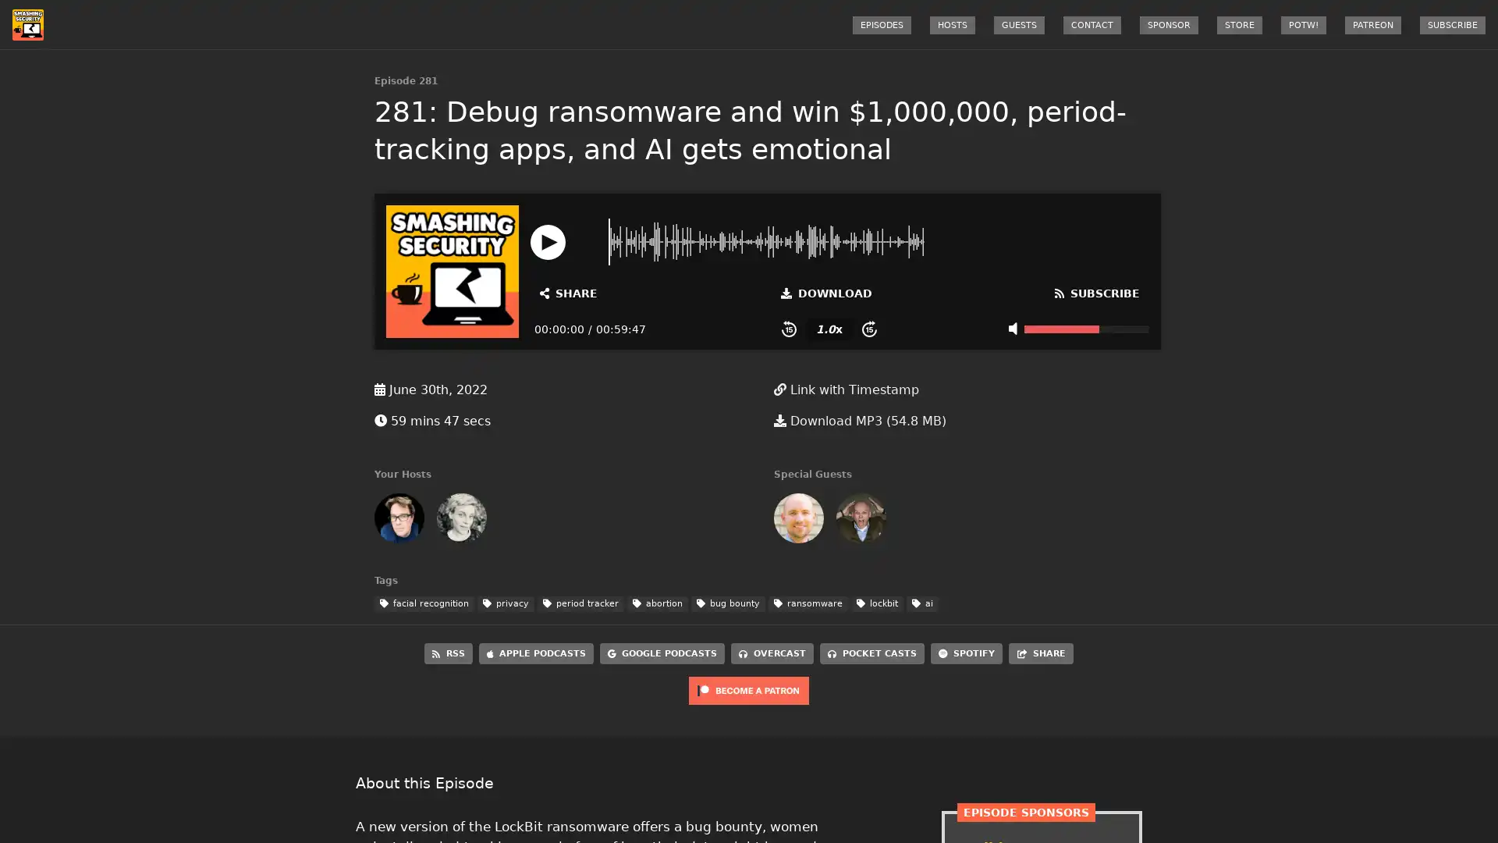 This screenshot has width=1498, height=843. Describe the element at coordinates (789, 327) in the screenshot. I see `Skip Back 15 Seconds` at that location.